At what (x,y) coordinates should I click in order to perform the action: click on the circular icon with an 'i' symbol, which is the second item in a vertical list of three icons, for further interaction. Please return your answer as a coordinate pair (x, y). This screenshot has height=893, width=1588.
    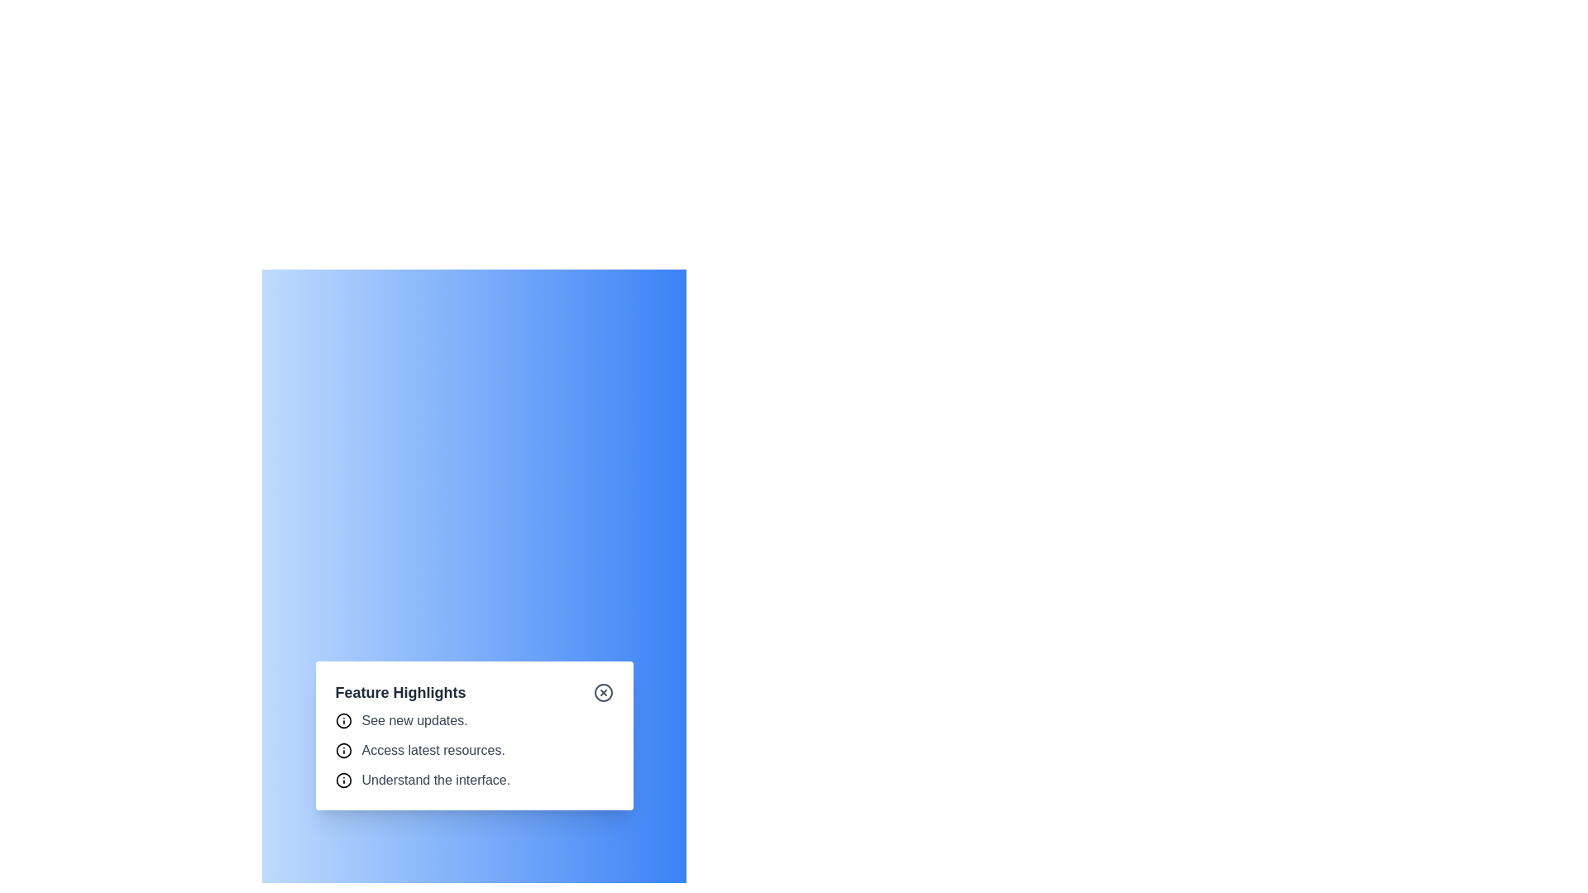
    Looking at the image, I should click on (342, 750).